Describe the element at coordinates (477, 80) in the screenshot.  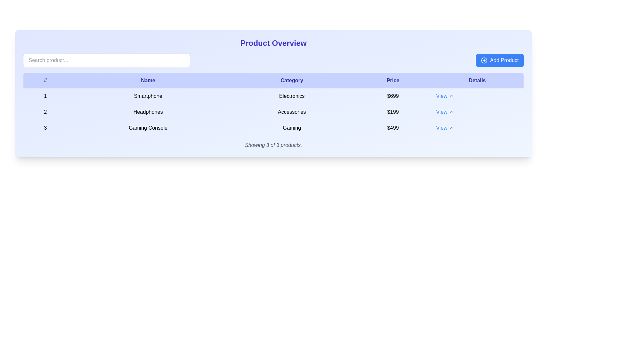
I see `the 'Details' text label, which is a purple styled label located in the light blue header bar, positioned to the far right, adjacent to the 'Price' column` at that location.